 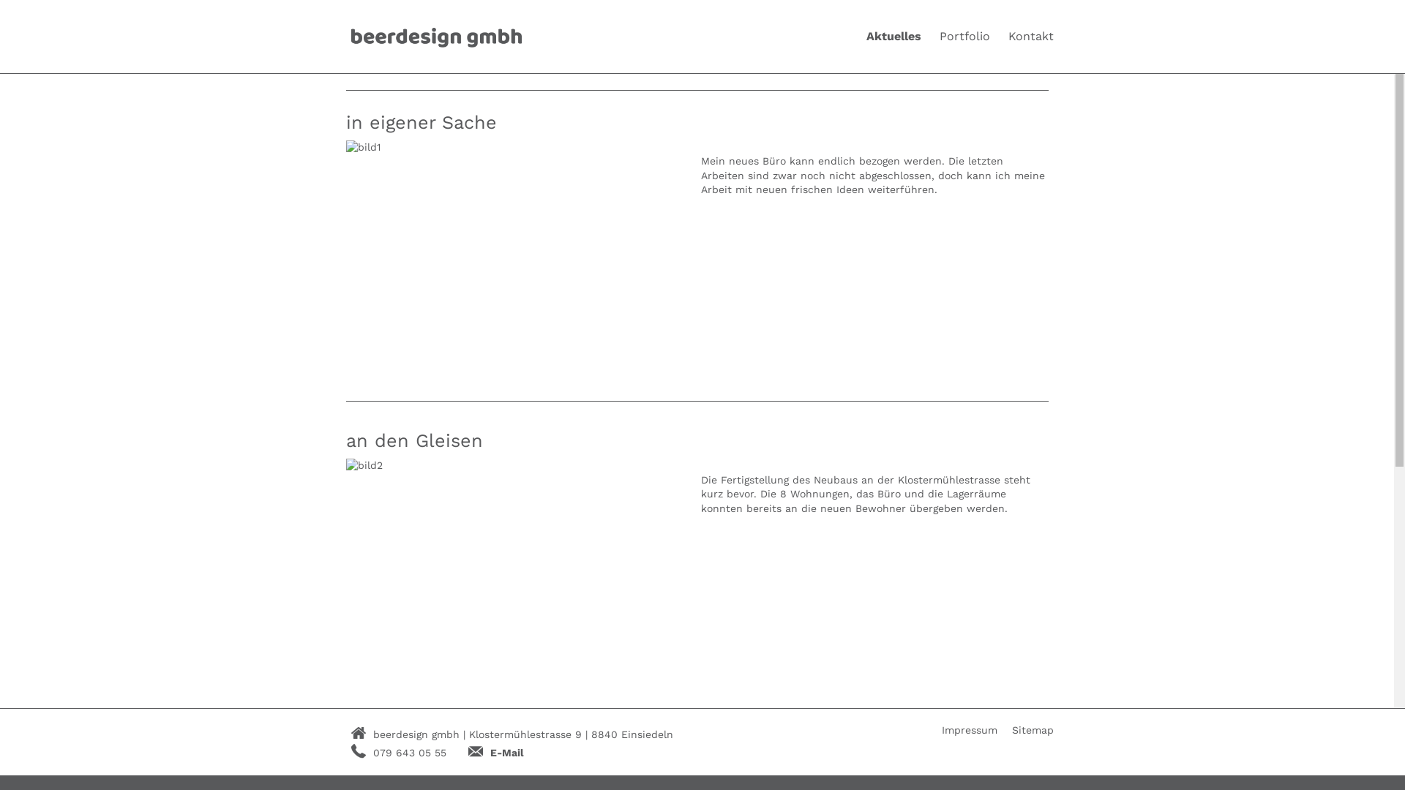 I want to click on 'Sitemap', so click(x=1032, y=731).